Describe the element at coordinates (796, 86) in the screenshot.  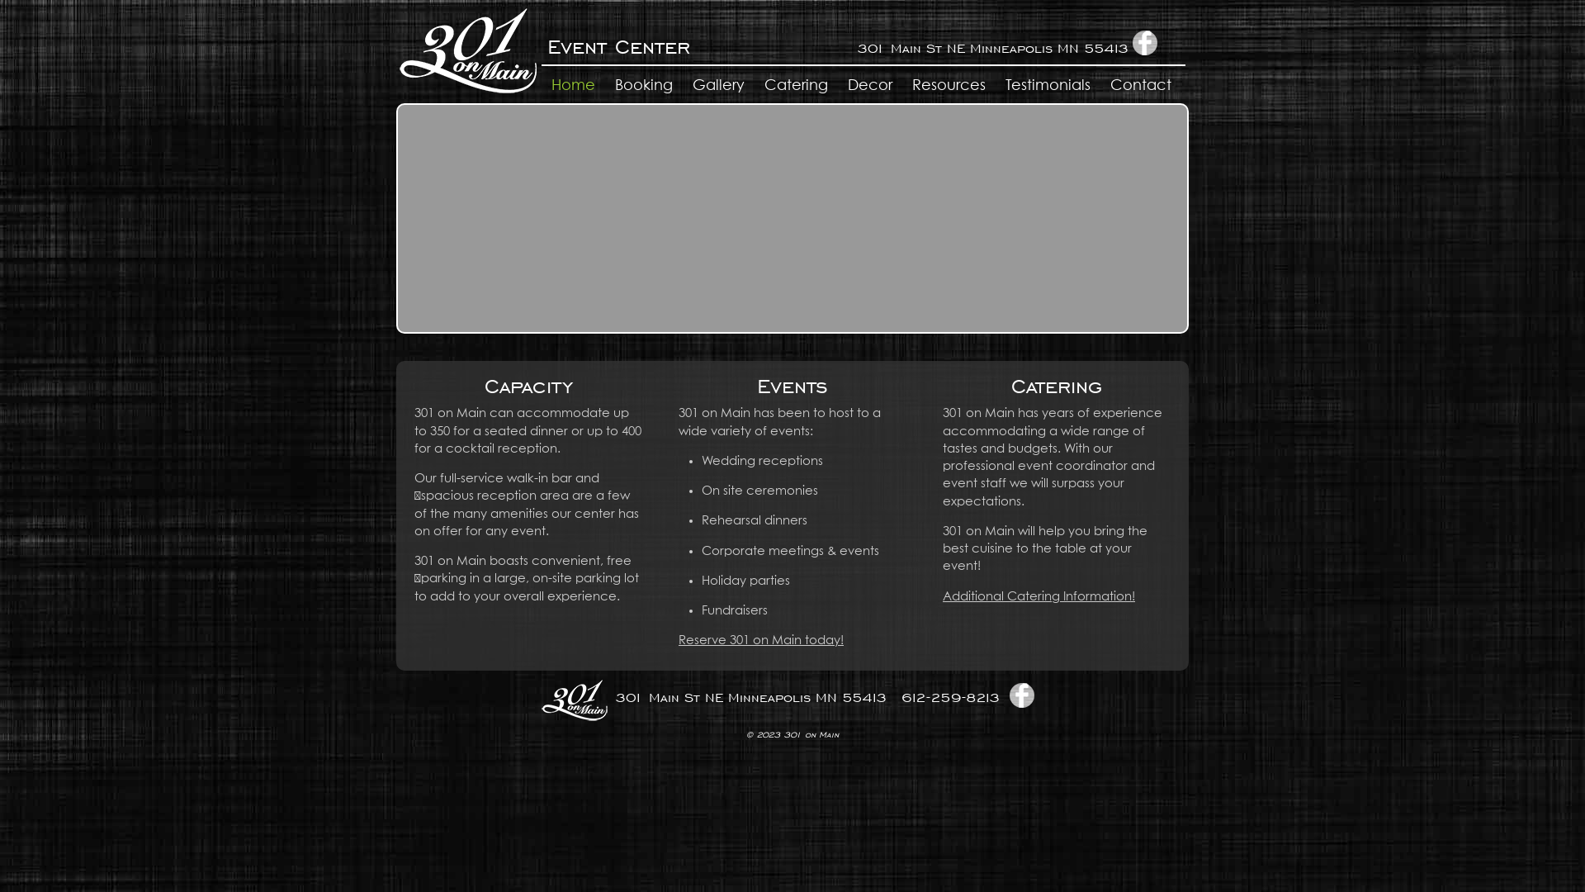
I see `'Catering'` at that location.